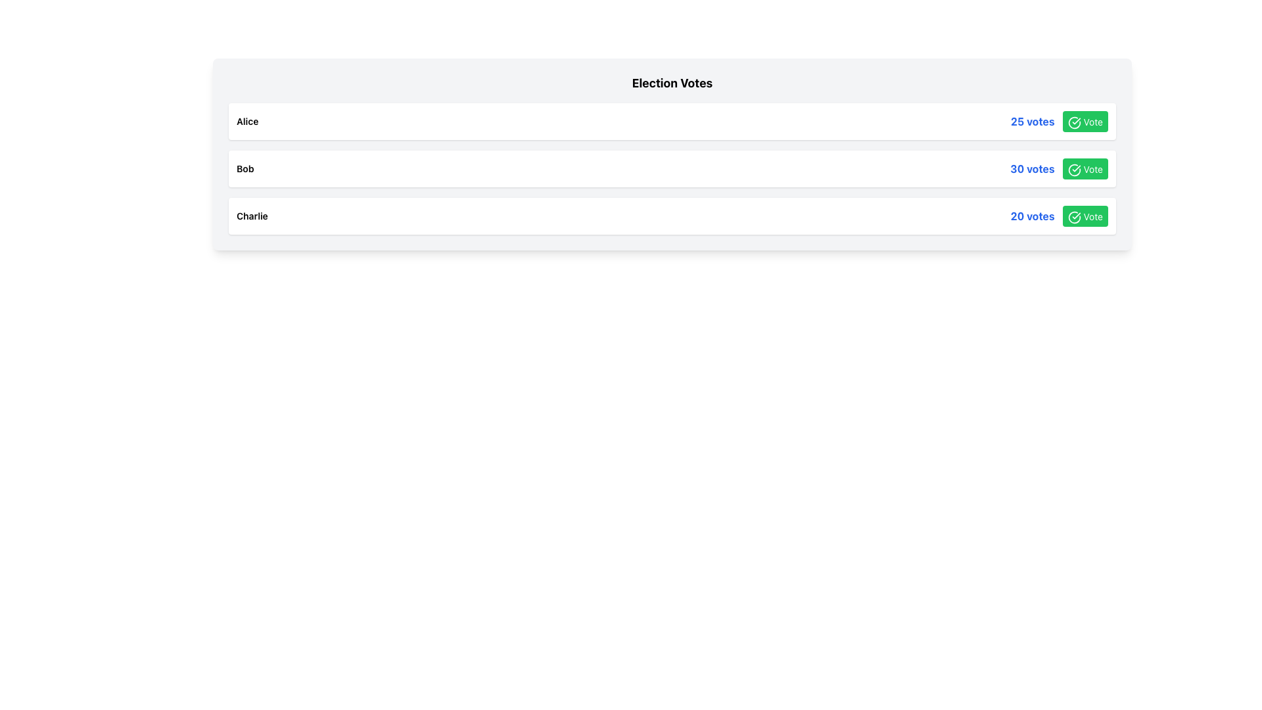 The height and width of the screenshot is (710, 1262). Describe the element at coordinates (1060, 122) in the screenshot. I see `the 'Vote' button located on the right side of the label 'Alice', which displays the number of votes as '25 votes' and includes a checkmark graphic` at that location.